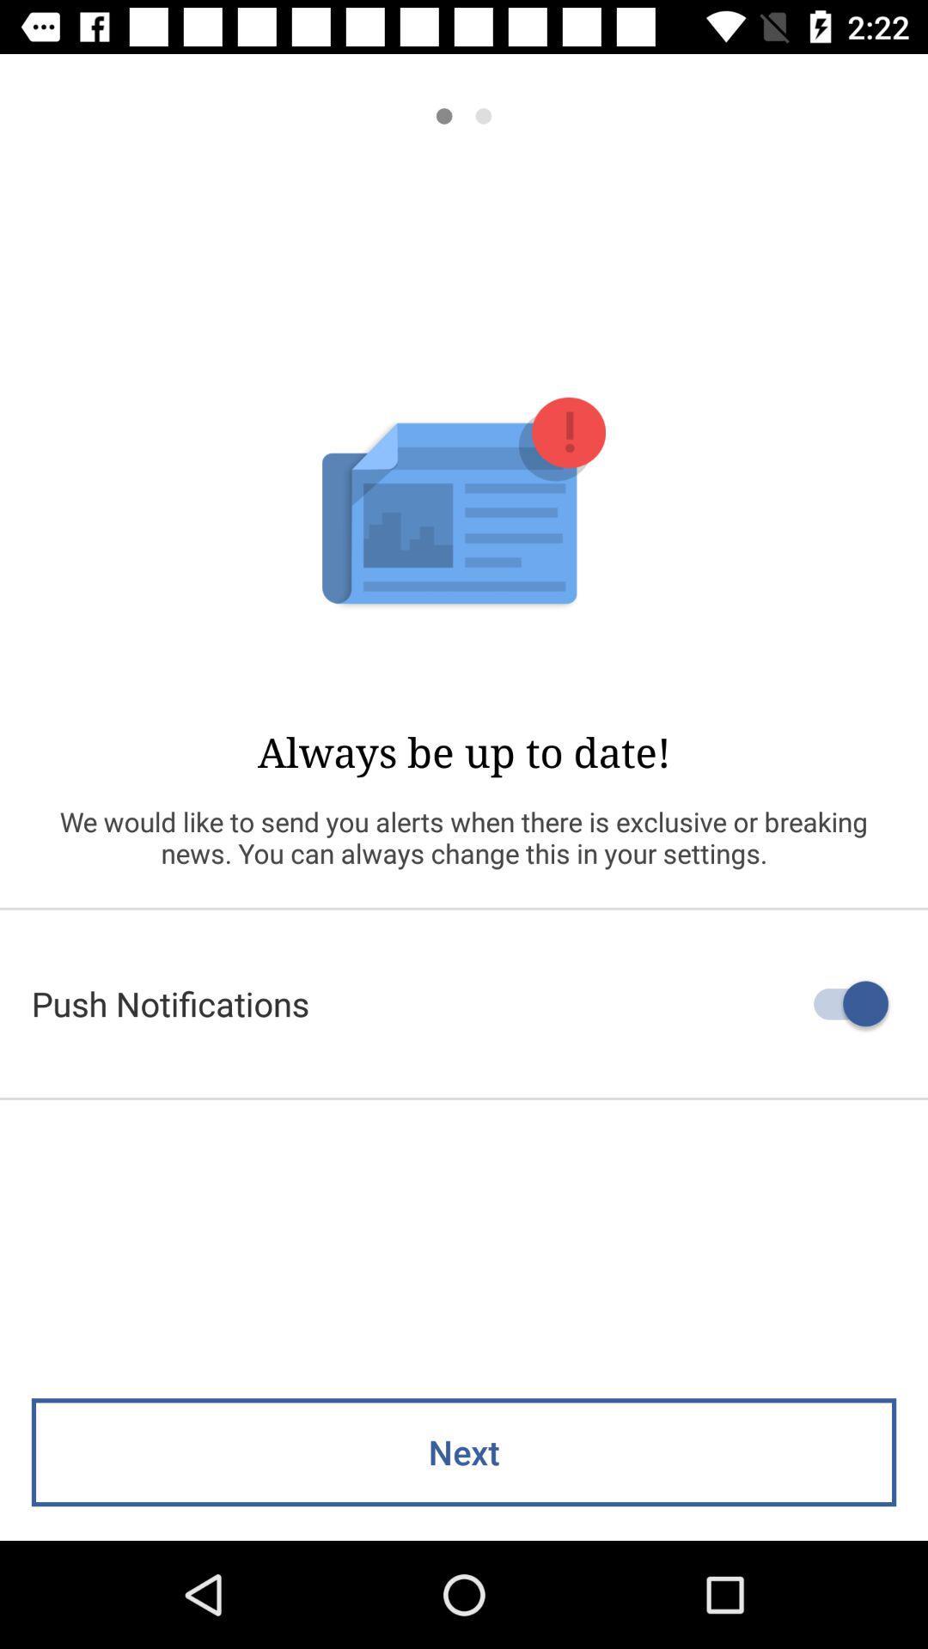  What do you see at coordinates (464, 1003) in the screenshot?
I see `the push notifications` at bounding box center [464, 1003].